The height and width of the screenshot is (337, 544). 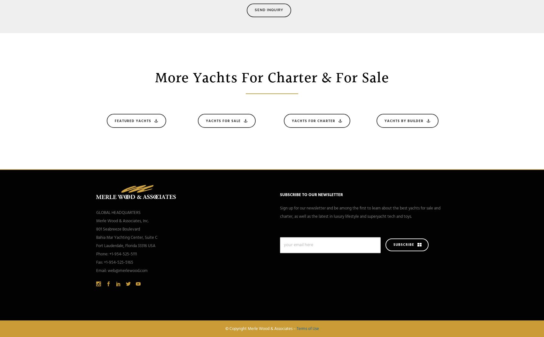 I want to click on 'Bahia Mar Yachting Center, Suite C', so click(x=127, y=237).